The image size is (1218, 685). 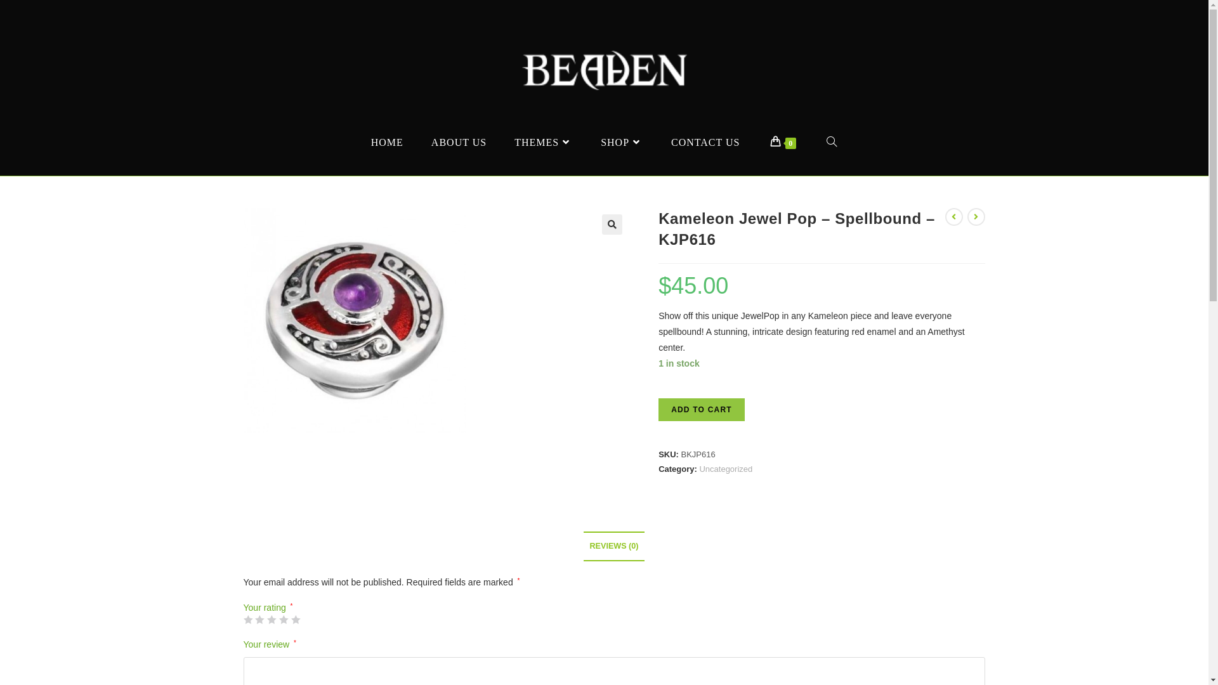 I want to click on '2', so click(x=258, y=618).